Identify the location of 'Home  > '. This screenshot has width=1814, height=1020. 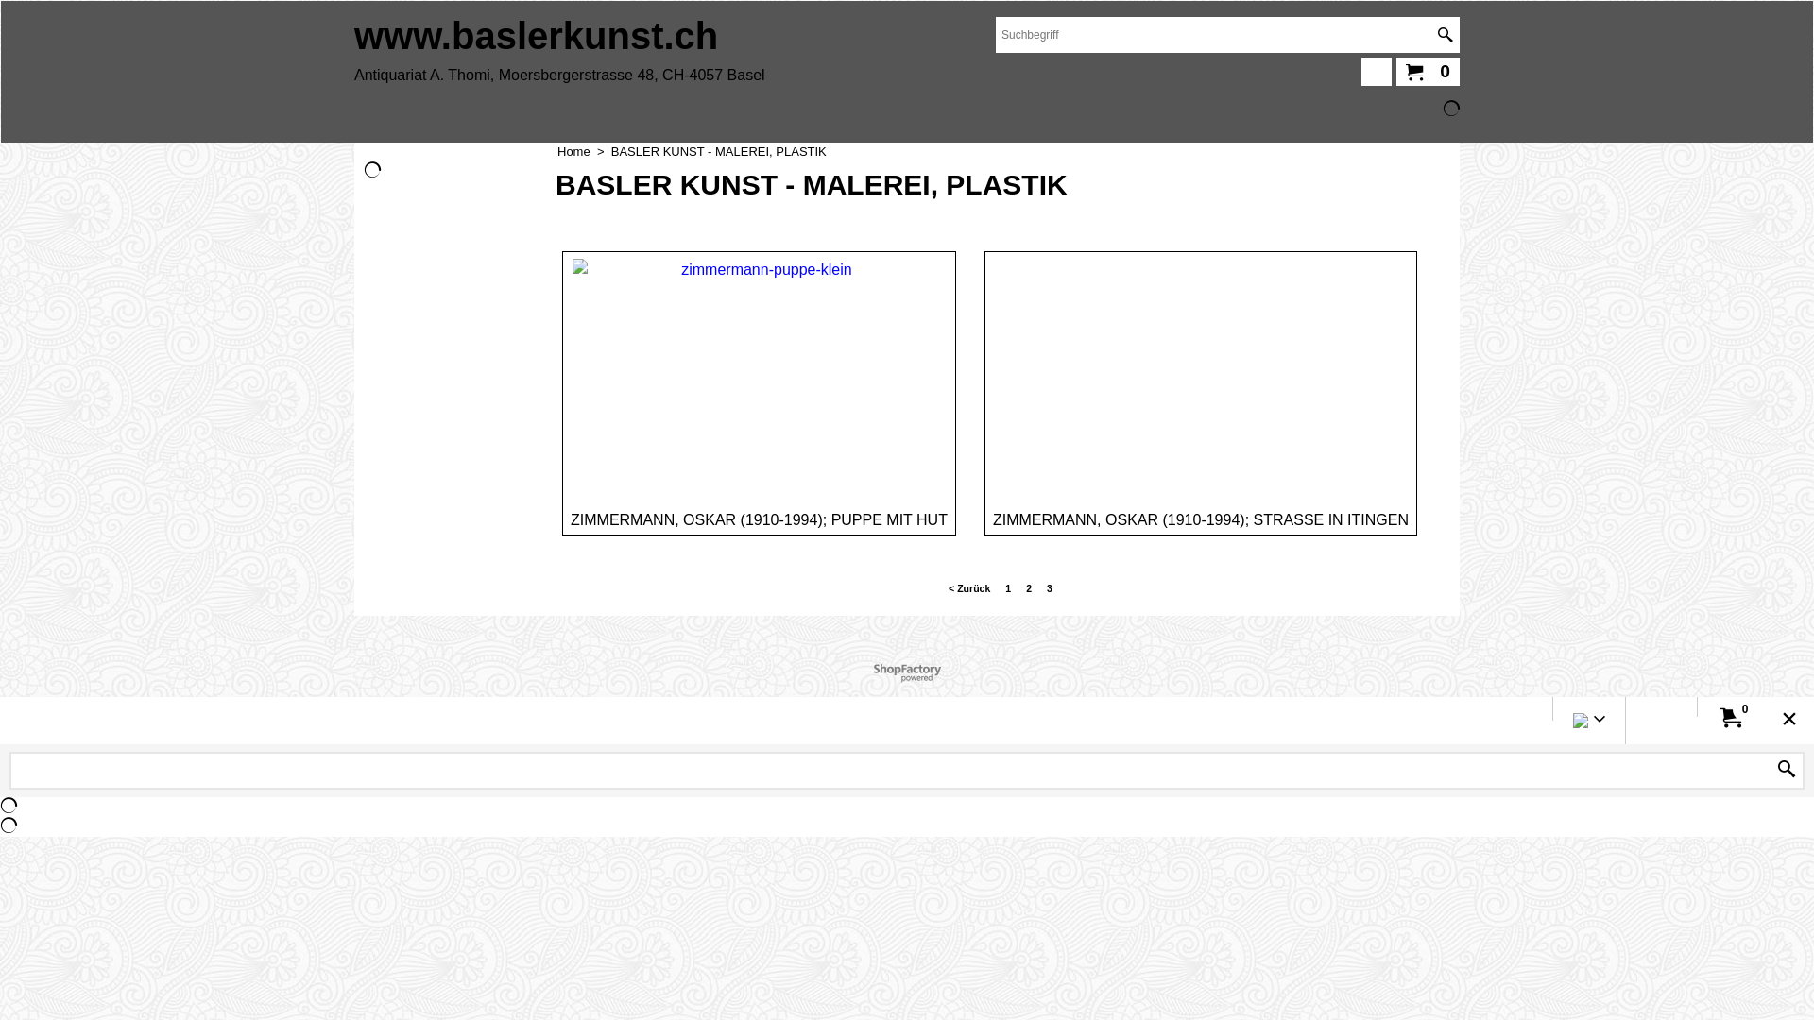
(583, 150).